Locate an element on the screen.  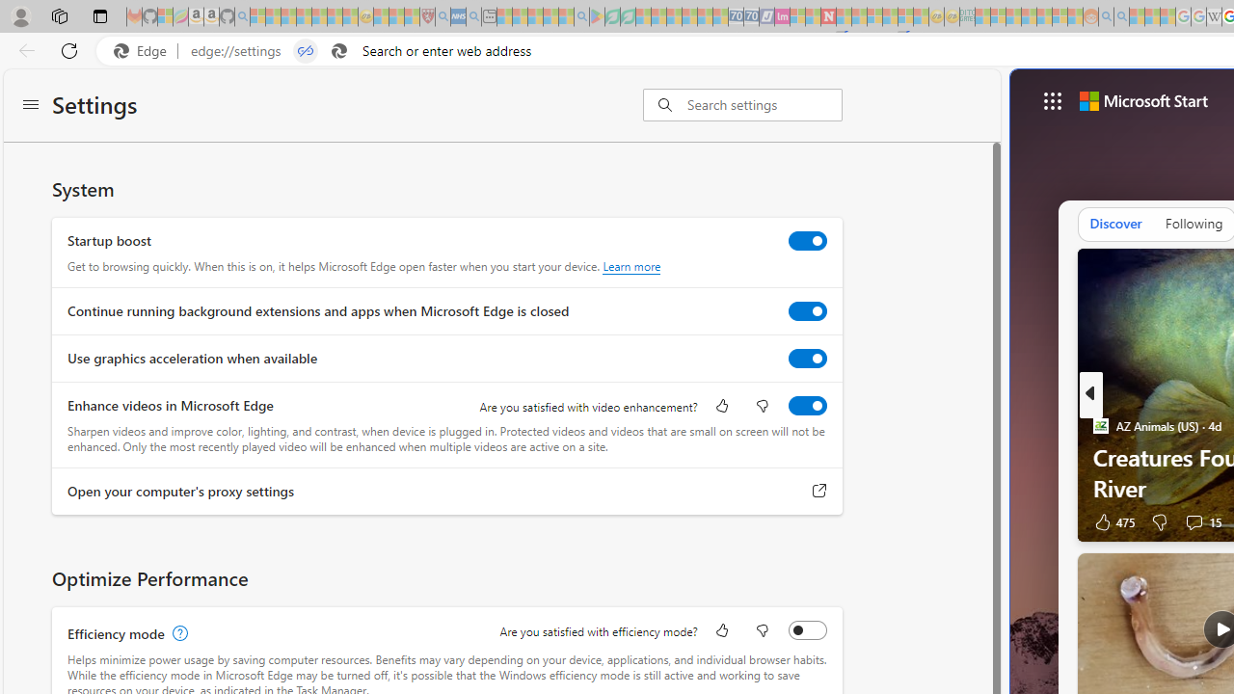
'View comments 15 Comment' is located at coordinates (1201, 521).